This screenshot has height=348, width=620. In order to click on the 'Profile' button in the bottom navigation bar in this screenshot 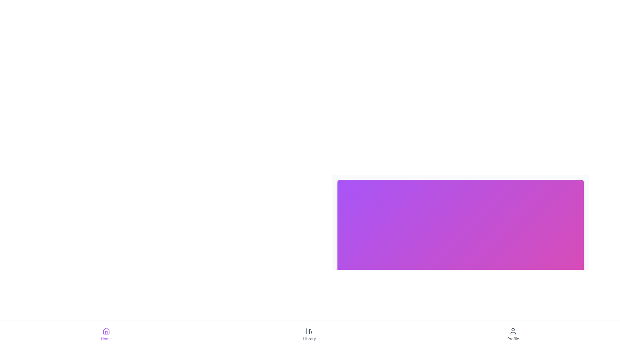, I will do `click(513, 334)`.